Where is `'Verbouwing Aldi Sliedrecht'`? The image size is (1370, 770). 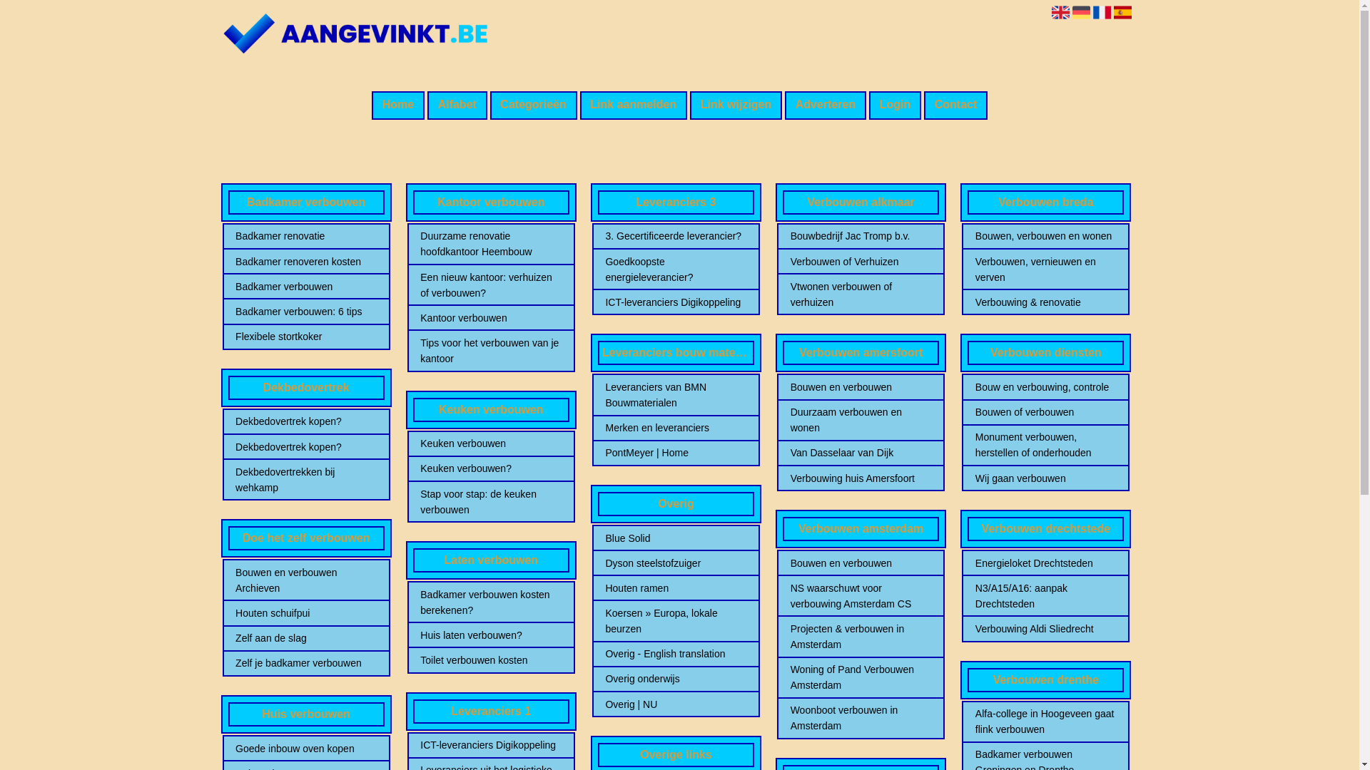 'Verbouwing Aldi Sliedrecht' is located at coordinates (1045, 628).